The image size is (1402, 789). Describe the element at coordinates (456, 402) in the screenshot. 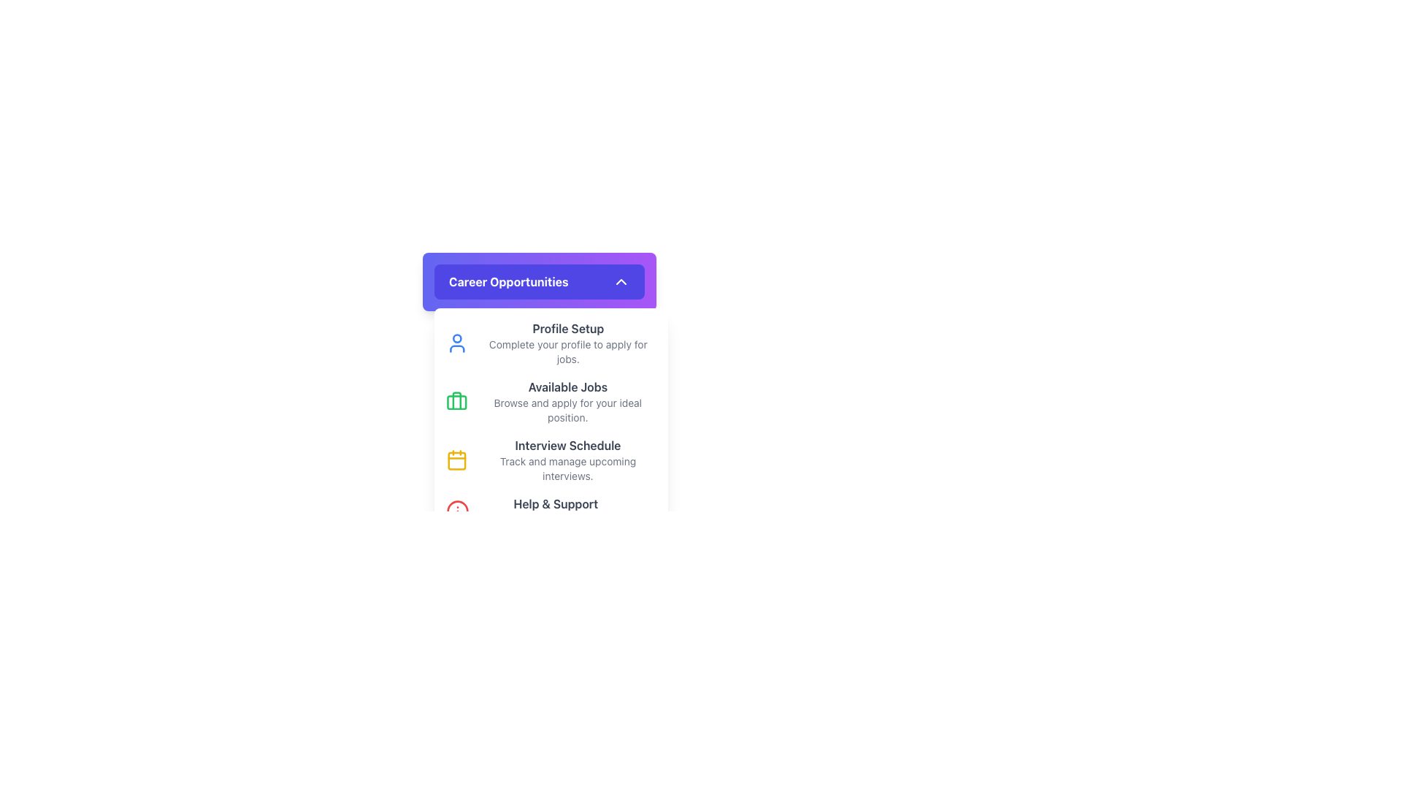

I see `the job opportunities icon located in the 'Available Jobs' section, which is the first visual element to the left of the 'Available Jobs' text` at that location.